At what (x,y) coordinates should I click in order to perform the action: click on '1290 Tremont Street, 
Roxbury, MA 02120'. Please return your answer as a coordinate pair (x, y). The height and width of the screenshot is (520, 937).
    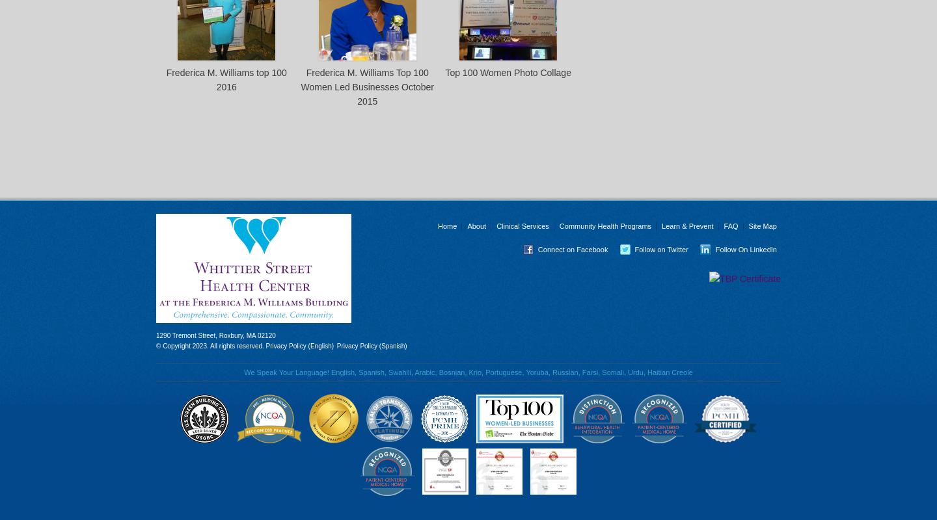
    Looking at the image, I should click on (215, 335).